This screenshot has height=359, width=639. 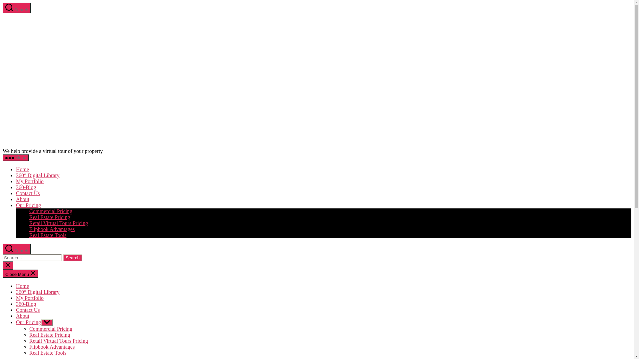 What do you see at coordinates (17, 249) in the screenshot?
I see `'Search'` at bounding box center [17, 249].